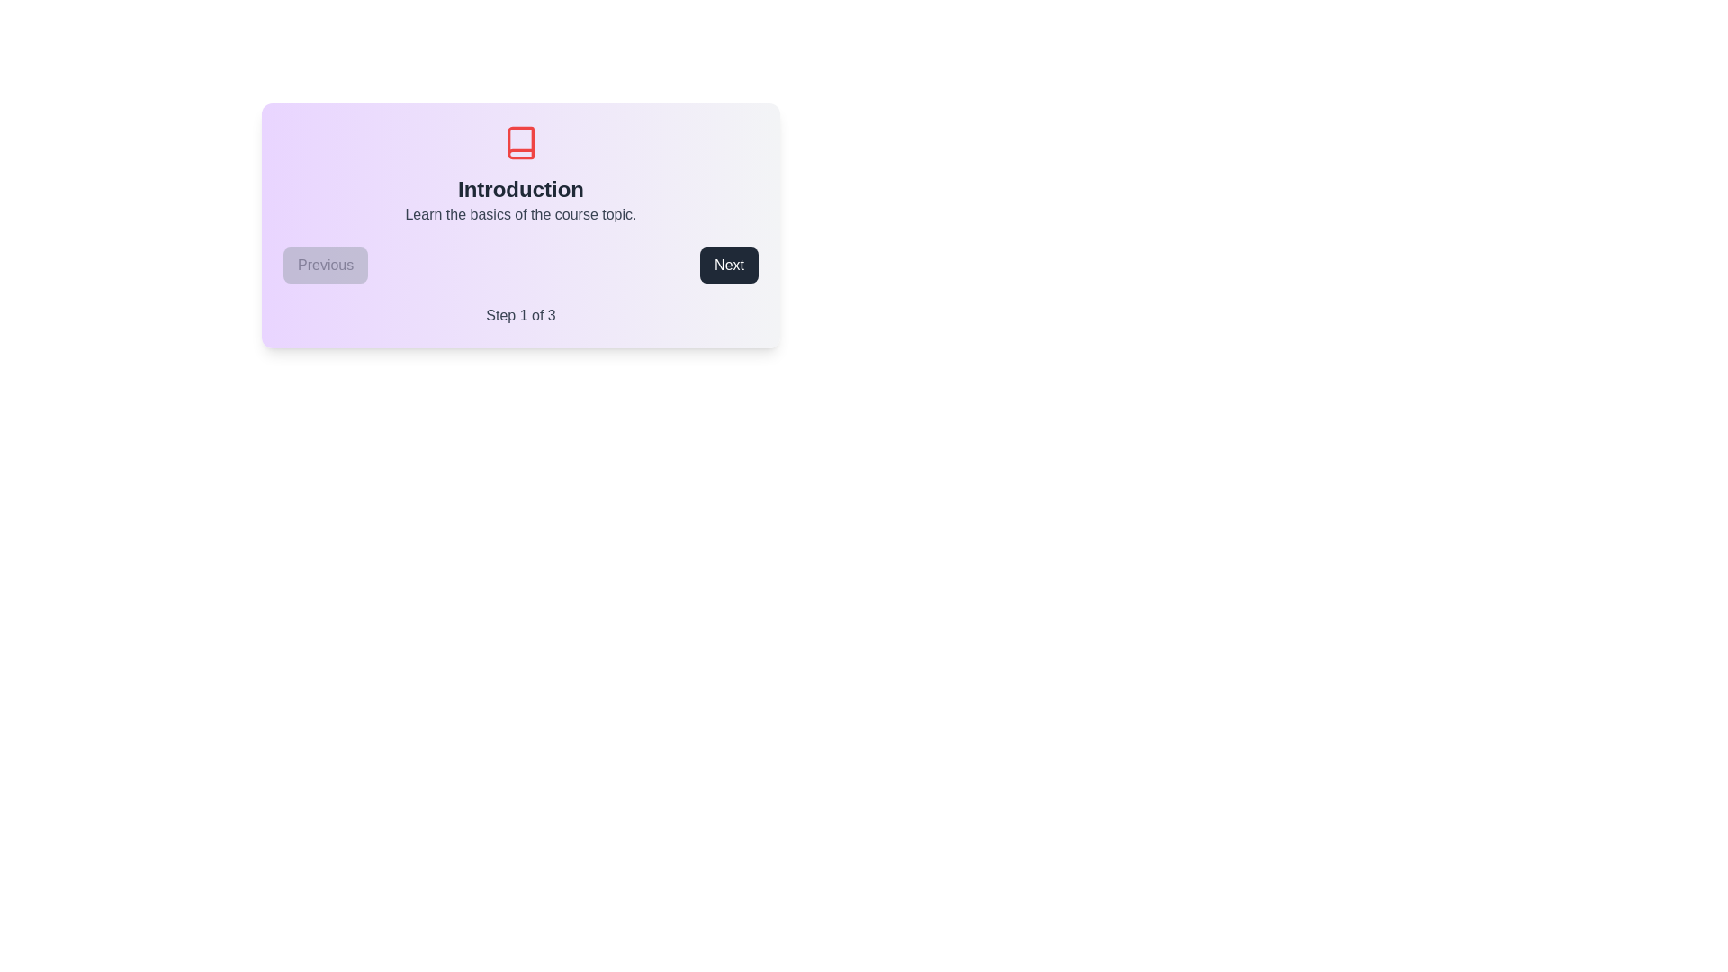 The height and width of the screenshot is (972, 1728). I want to click on the text 'Step 1 of 3' to acknowledge the progress indicator, so click(520, 315).